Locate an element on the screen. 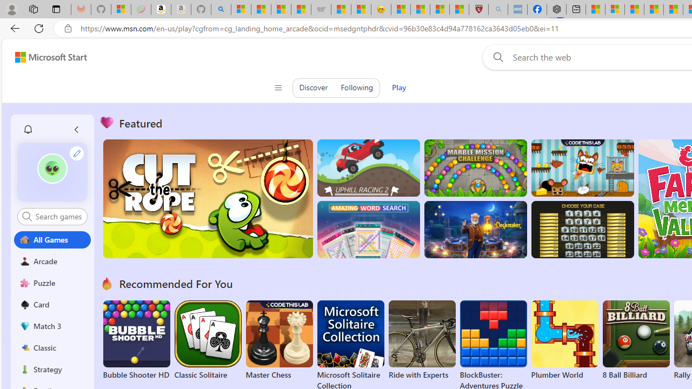  'Deal or No Deal' is located at coordinates (582, 229).